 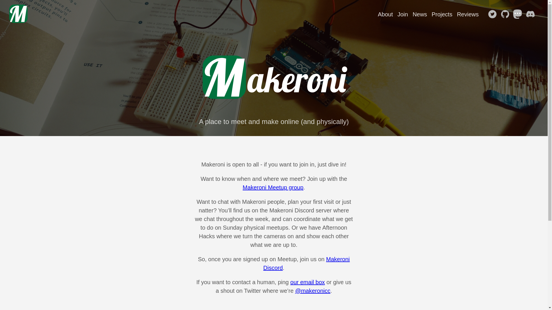 What do you see at coordinates (419, 14) in the screenshot?
I see `'News'` at bounding box center [419, 14].